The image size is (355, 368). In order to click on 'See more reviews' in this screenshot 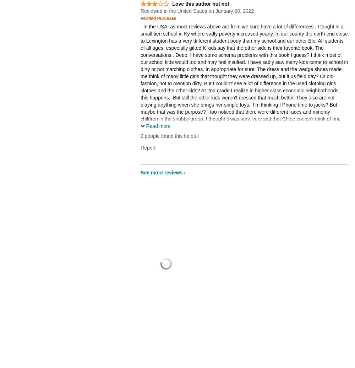, I will do `click(141, 172)`.